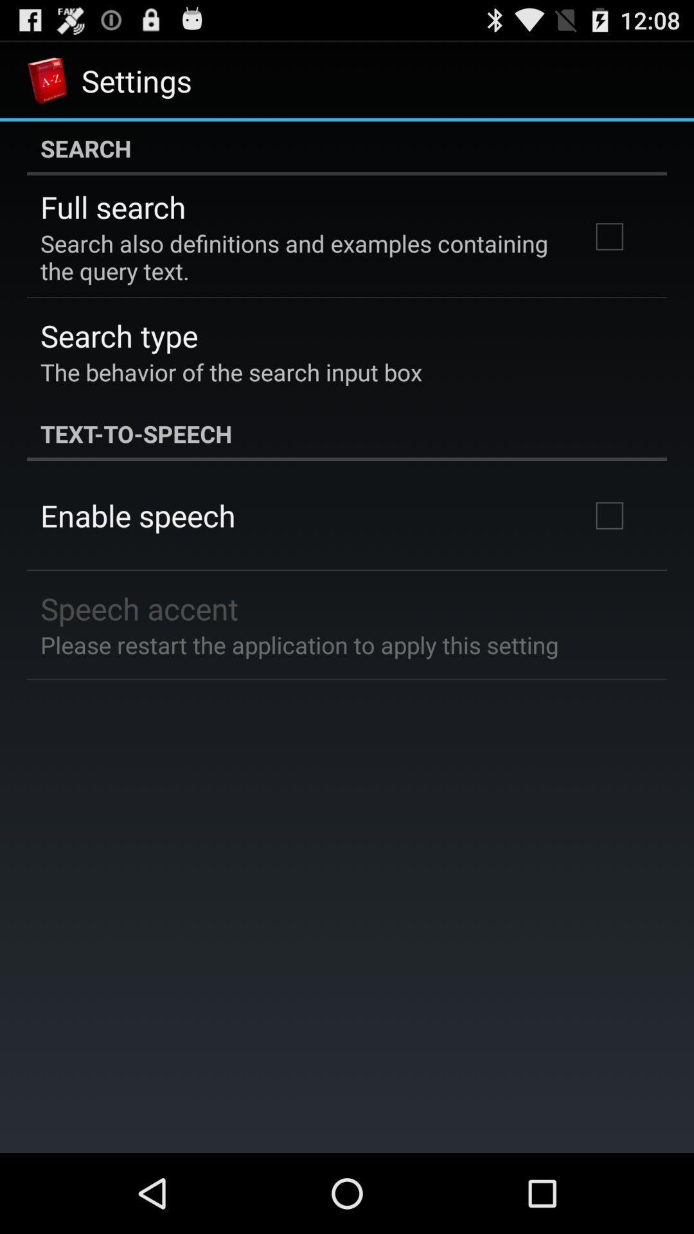  What do you see at coordinates (138, 515) in the screenshot?
I see `the enable speech app` at bounding box center [138, 515].